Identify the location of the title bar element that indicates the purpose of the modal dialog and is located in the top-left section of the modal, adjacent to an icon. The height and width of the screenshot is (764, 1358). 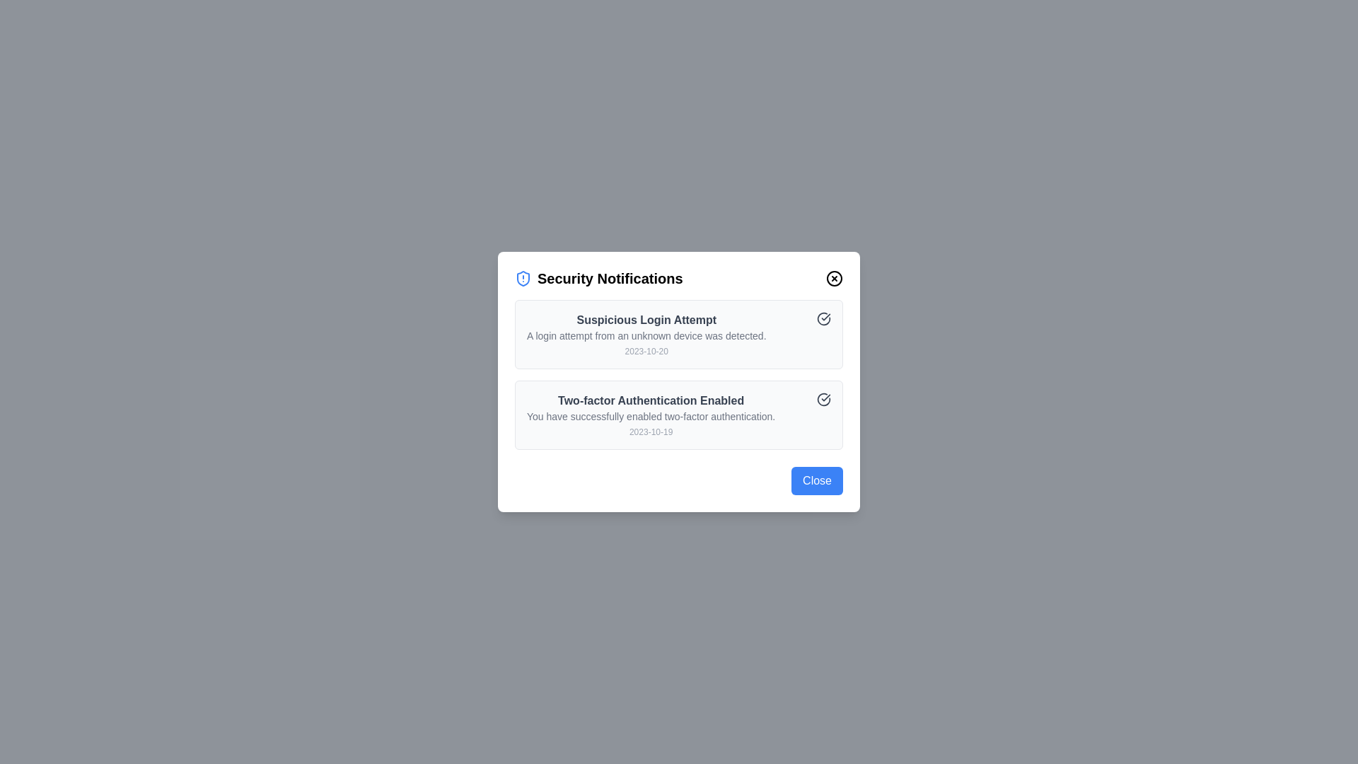
(598, 278).